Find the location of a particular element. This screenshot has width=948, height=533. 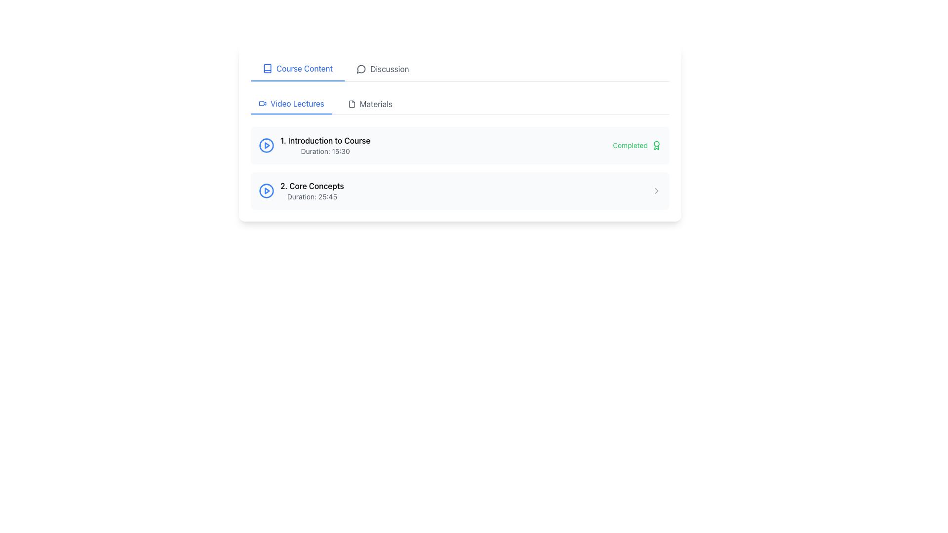

duration information of the first lecture in the 'Video Lectures' section, which includes a text label and a clickable play button is located at coordinates (314, 145).